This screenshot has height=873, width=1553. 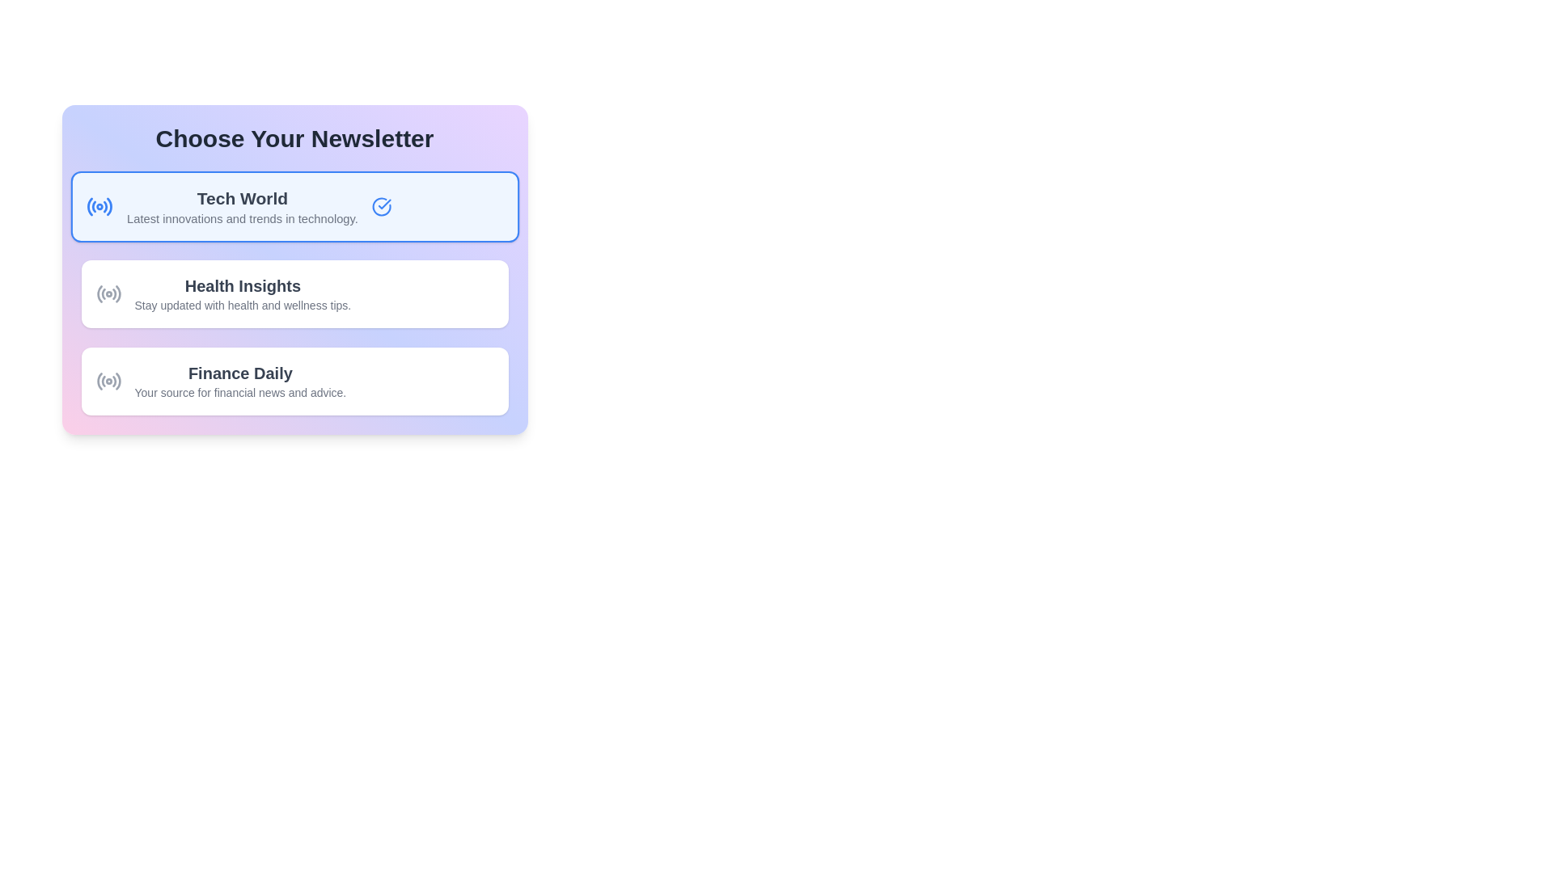 What do you see at coordinates (99, 205) in the screenshot?
I see `the blue circular radio wave pattern icon located at the top-left corner of the 'Tech World' section of the newsletter options` at bounding box center [99, 205].